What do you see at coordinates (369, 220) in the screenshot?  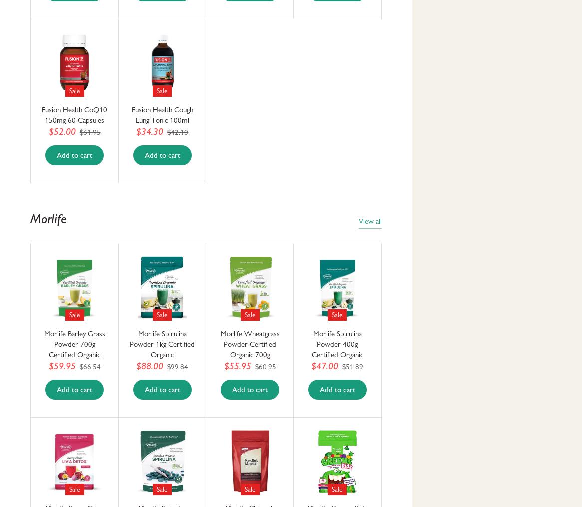 I see `'View all'` at bounding box center [369, 220].